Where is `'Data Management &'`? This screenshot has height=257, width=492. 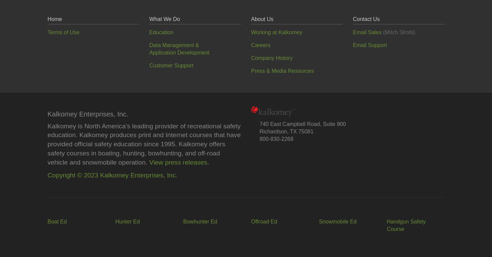
'Data Management &' is located at coordinates (174, 45).